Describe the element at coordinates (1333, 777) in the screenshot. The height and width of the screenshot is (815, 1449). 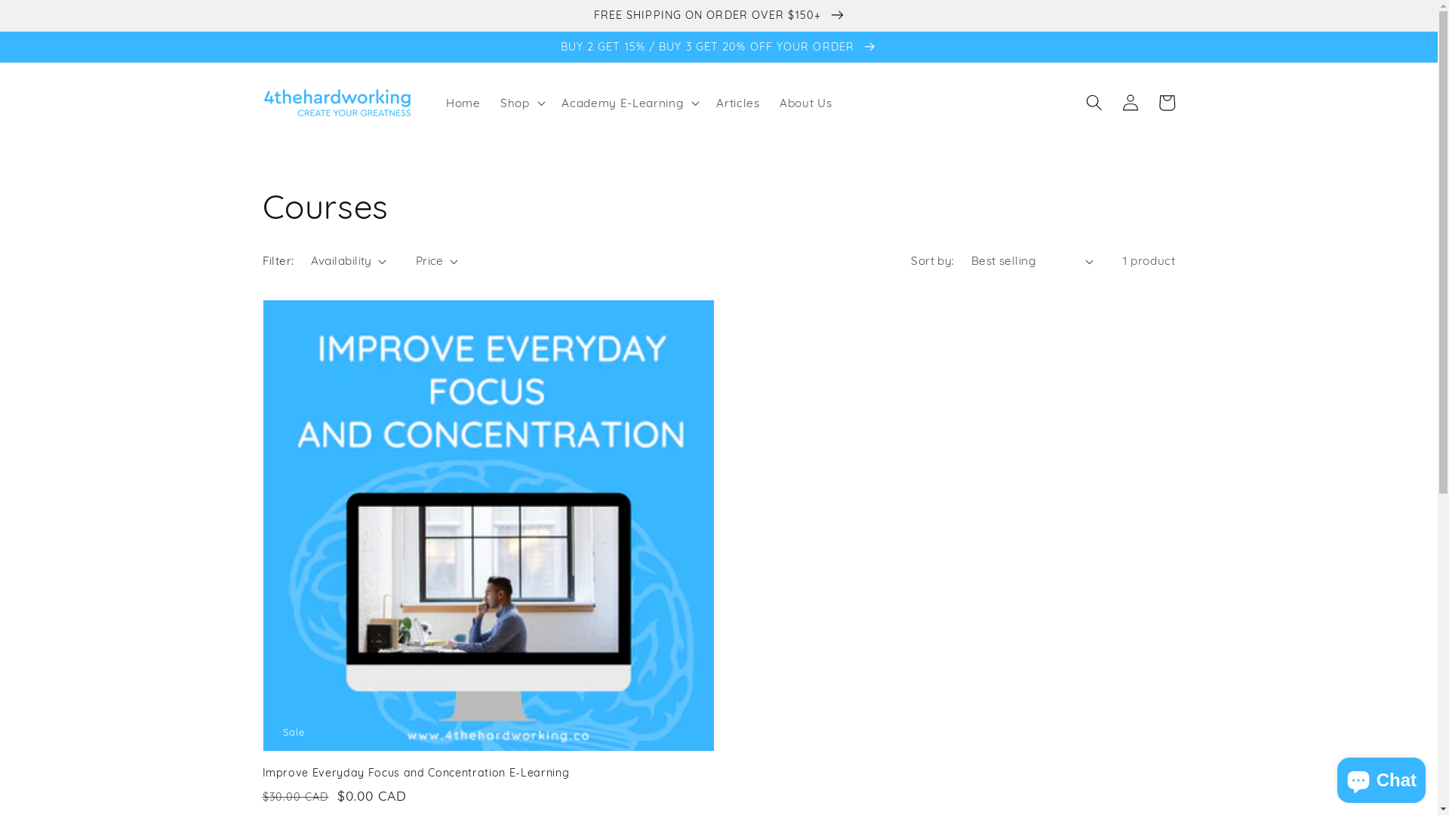
I see `'Shopify online store chat'` at that location.